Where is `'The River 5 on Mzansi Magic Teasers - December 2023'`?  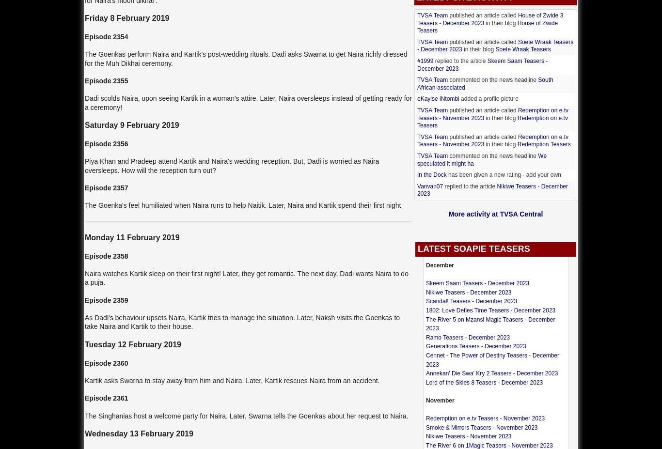 'The River 5 on Mzansi Magic Teasers - December 2023' is located at coordinates (490, 323).